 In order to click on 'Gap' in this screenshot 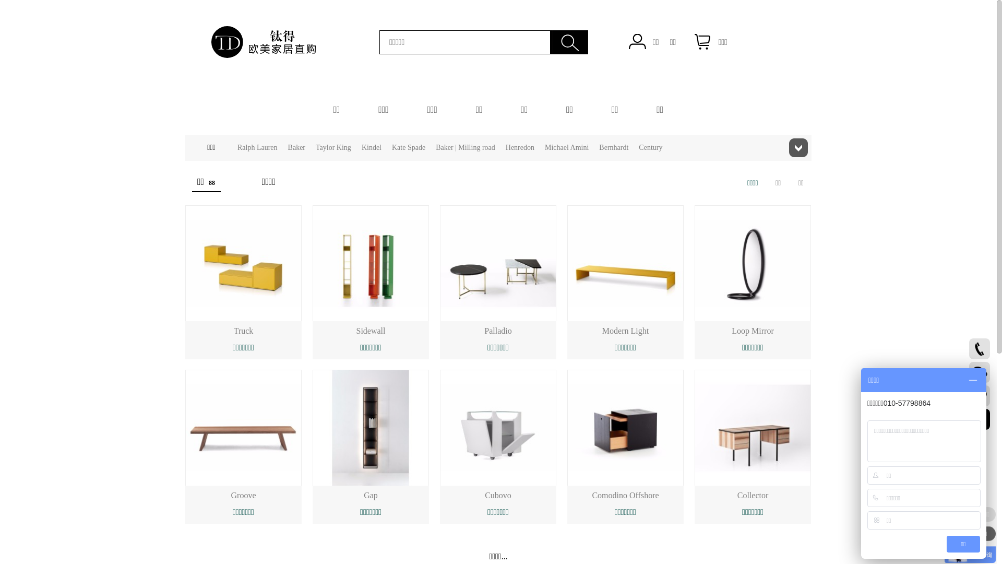, I will do `click(371, 495)`.